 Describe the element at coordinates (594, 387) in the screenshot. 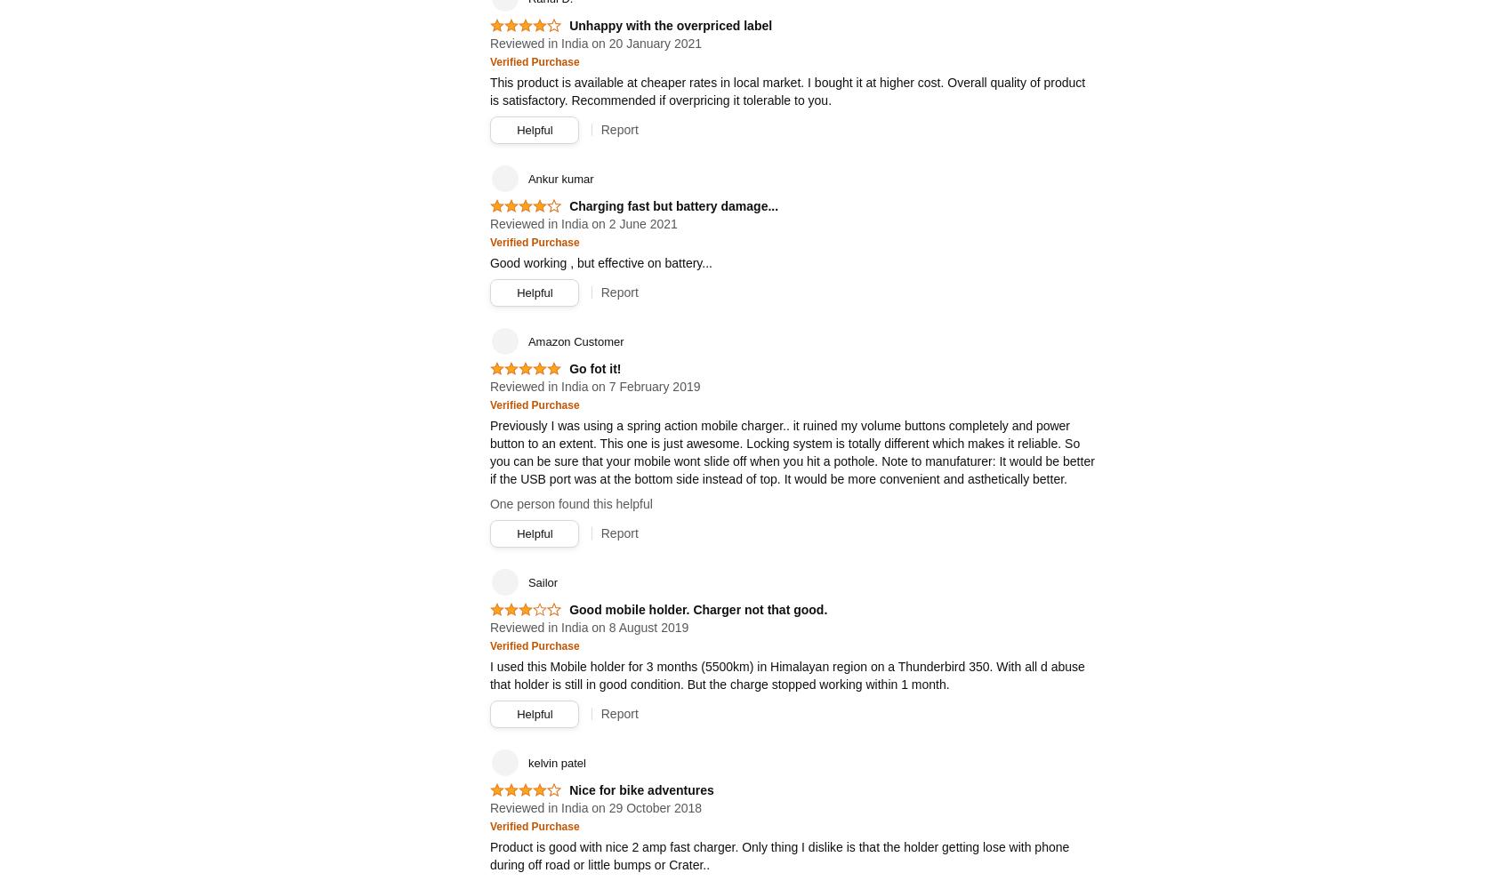

I see `'Reviewed in India on 7 February 2019'` at that location.